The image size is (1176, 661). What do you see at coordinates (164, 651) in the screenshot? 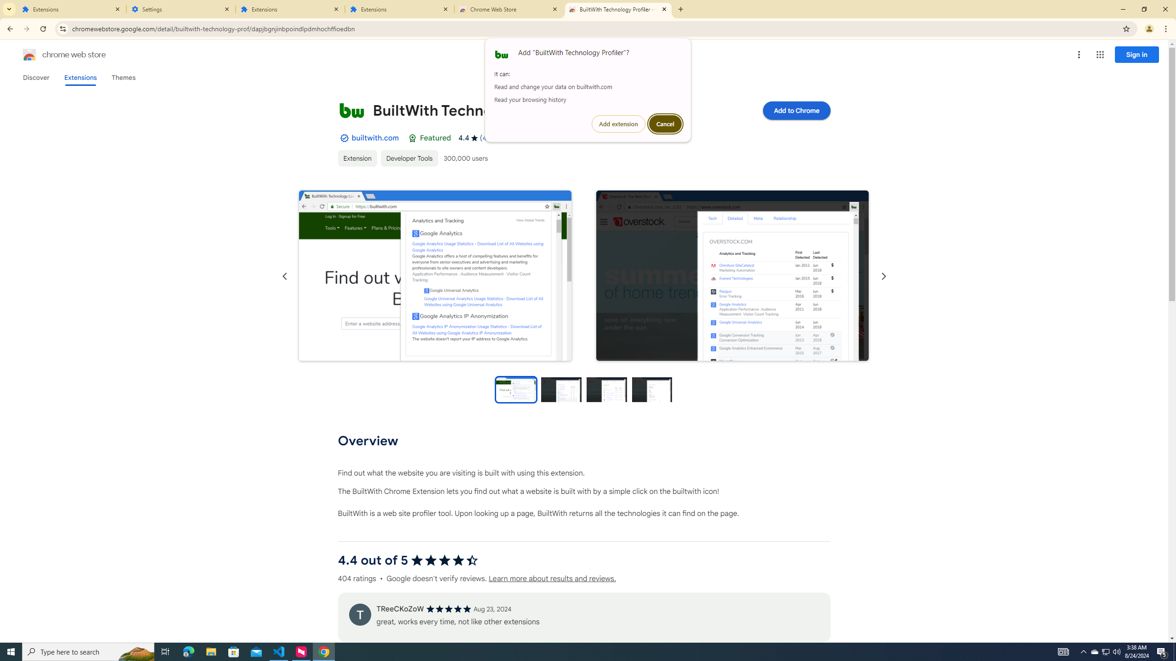
I see `'Task View'` at bounding box center [164, 651].